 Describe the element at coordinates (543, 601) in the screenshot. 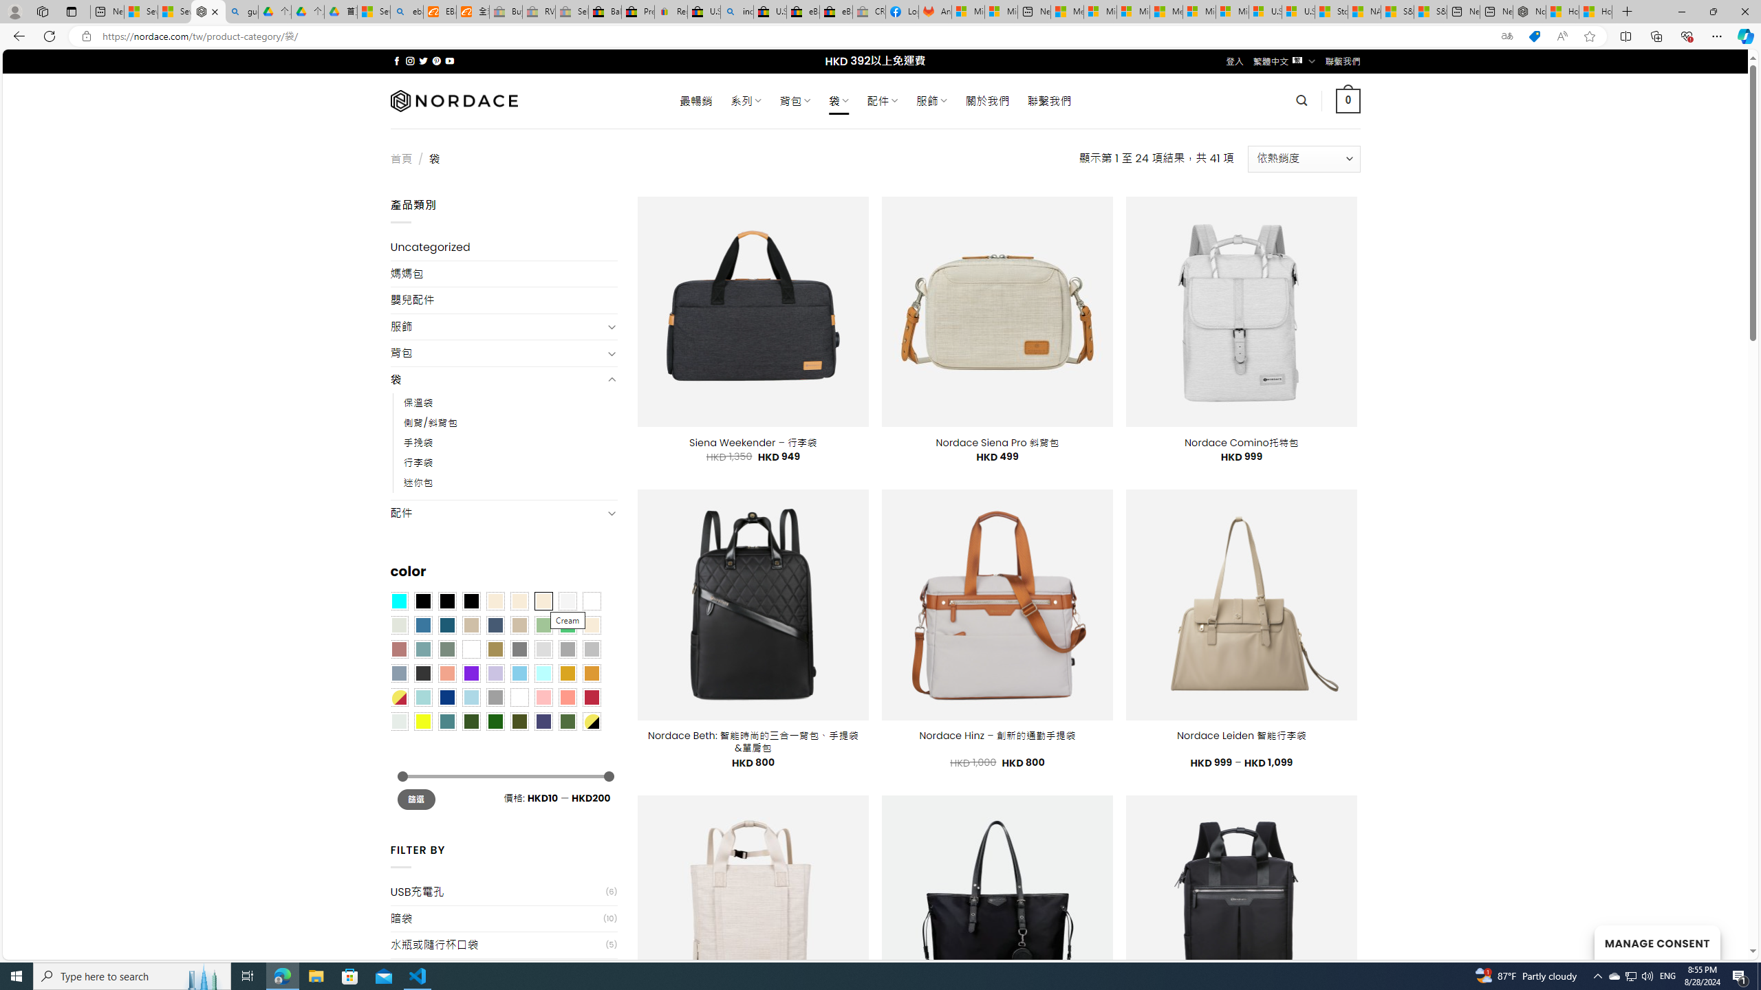

I see `'Cream'` at that location.